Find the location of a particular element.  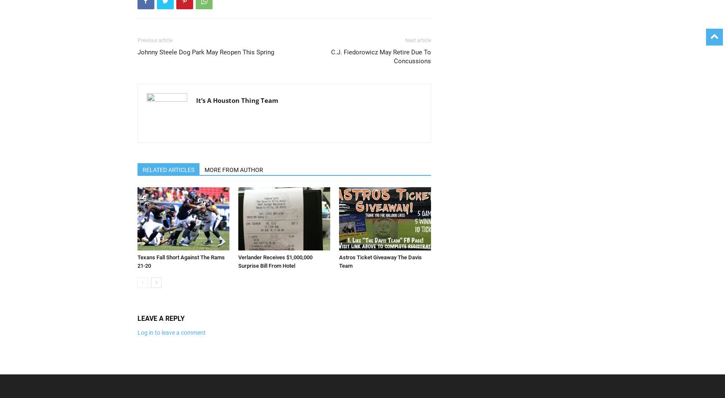

'C.J. Fiedorowicz May Retire Due To Concussions' is located at coordinates (330, 56).